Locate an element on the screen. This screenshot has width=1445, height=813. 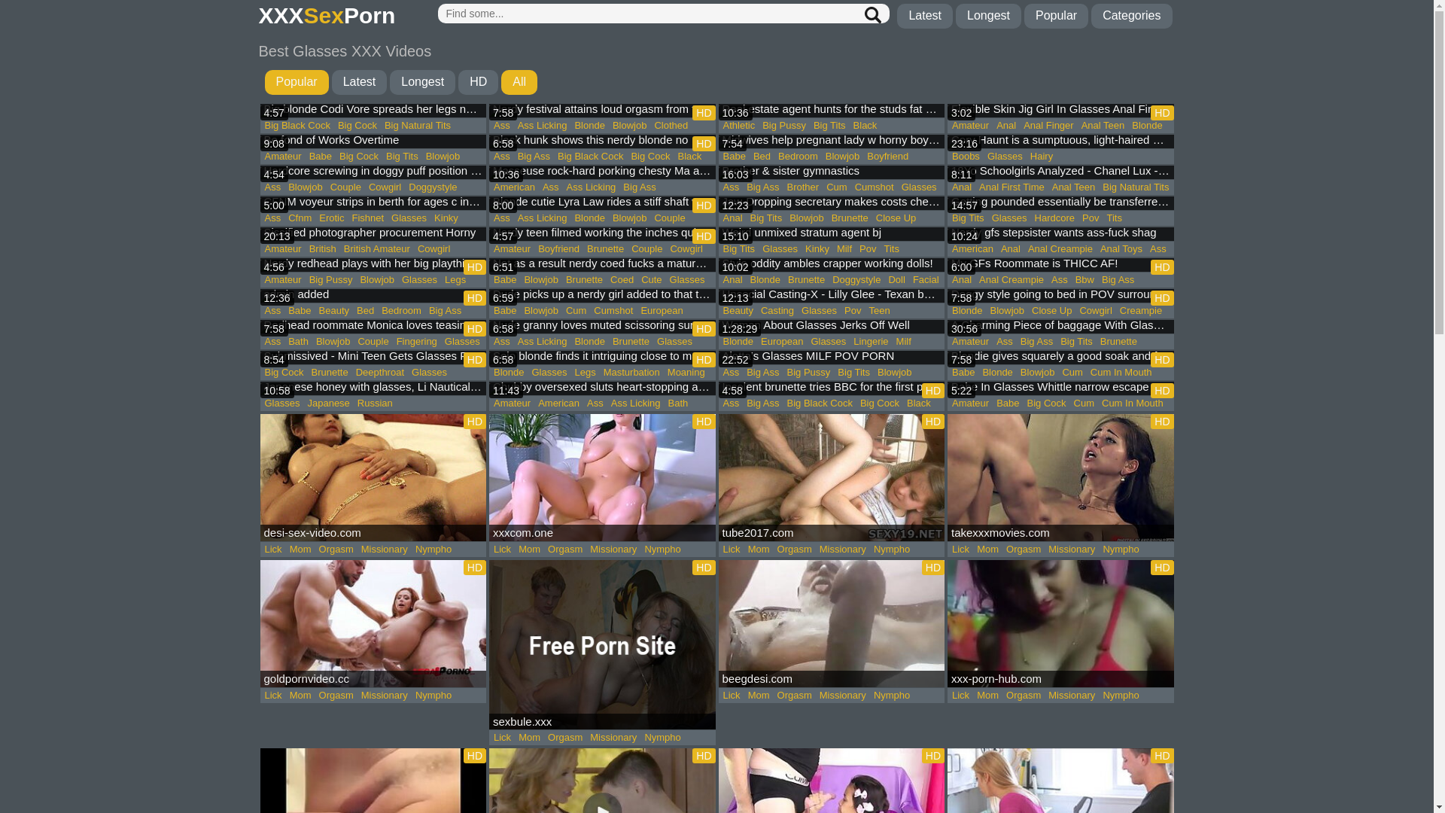
'Style oddity ambles crapper working dolls! is located at coordinates (830, 265).